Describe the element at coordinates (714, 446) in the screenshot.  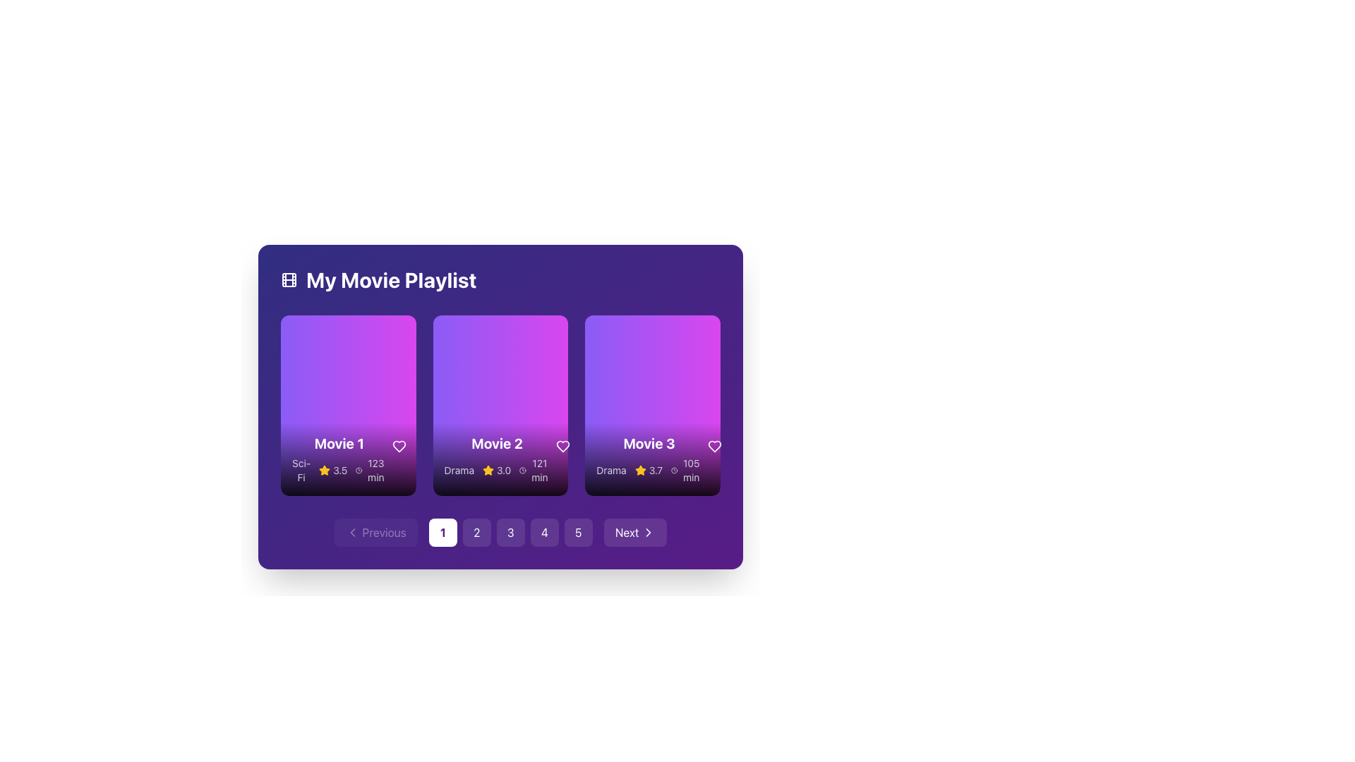
I see `the heart icon on the purple card labeled 'Movie 3' in the 'My Movie Playlist' section to like or unlike the item` at that location.